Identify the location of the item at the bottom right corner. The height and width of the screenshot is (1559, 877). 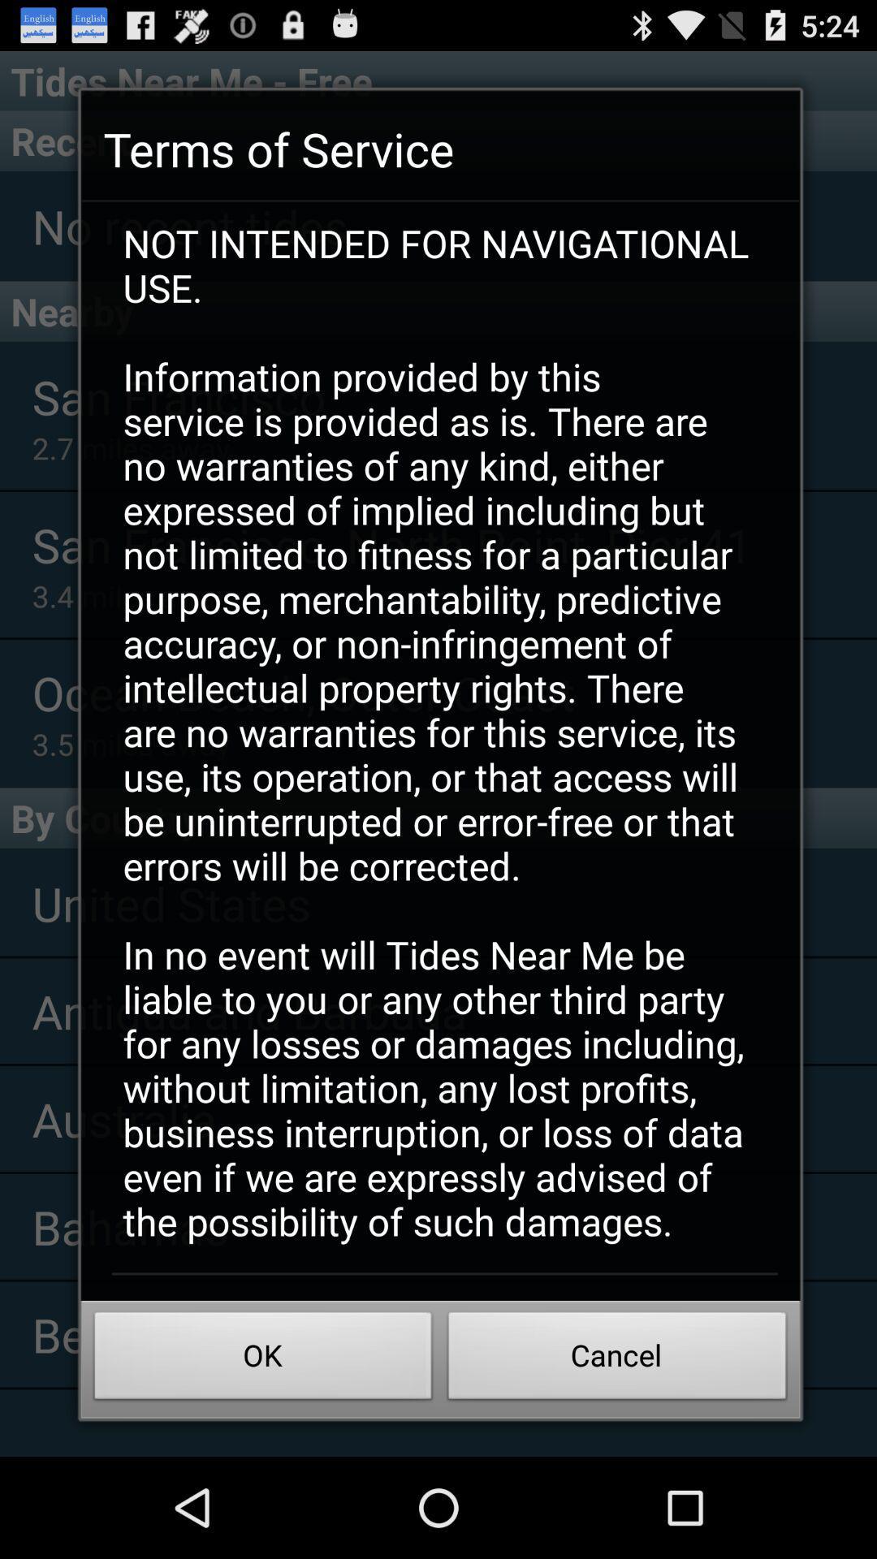
(617, 1360).